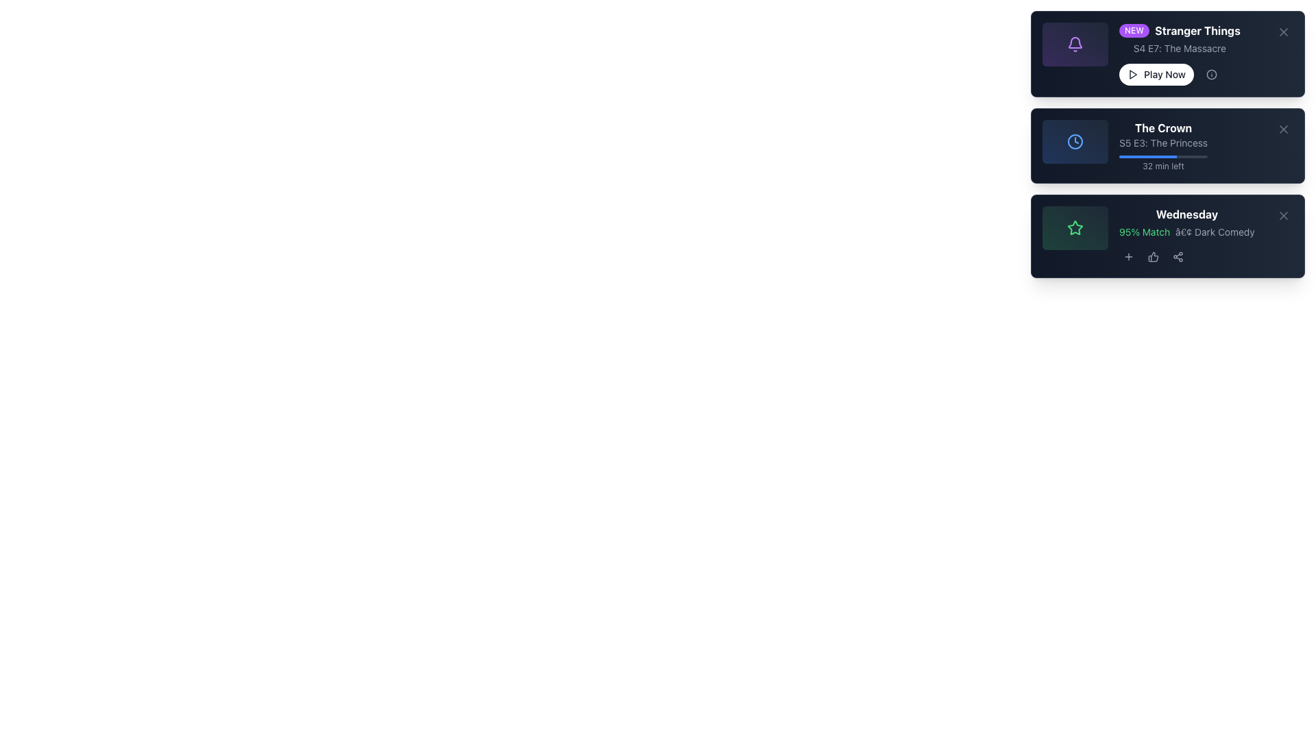 This screenshot has width=1316, height=740. I want to click on to interact with the rating icon associated with the item 'Wednesday' in the third list item of the vertical list, so click(1074, 226).